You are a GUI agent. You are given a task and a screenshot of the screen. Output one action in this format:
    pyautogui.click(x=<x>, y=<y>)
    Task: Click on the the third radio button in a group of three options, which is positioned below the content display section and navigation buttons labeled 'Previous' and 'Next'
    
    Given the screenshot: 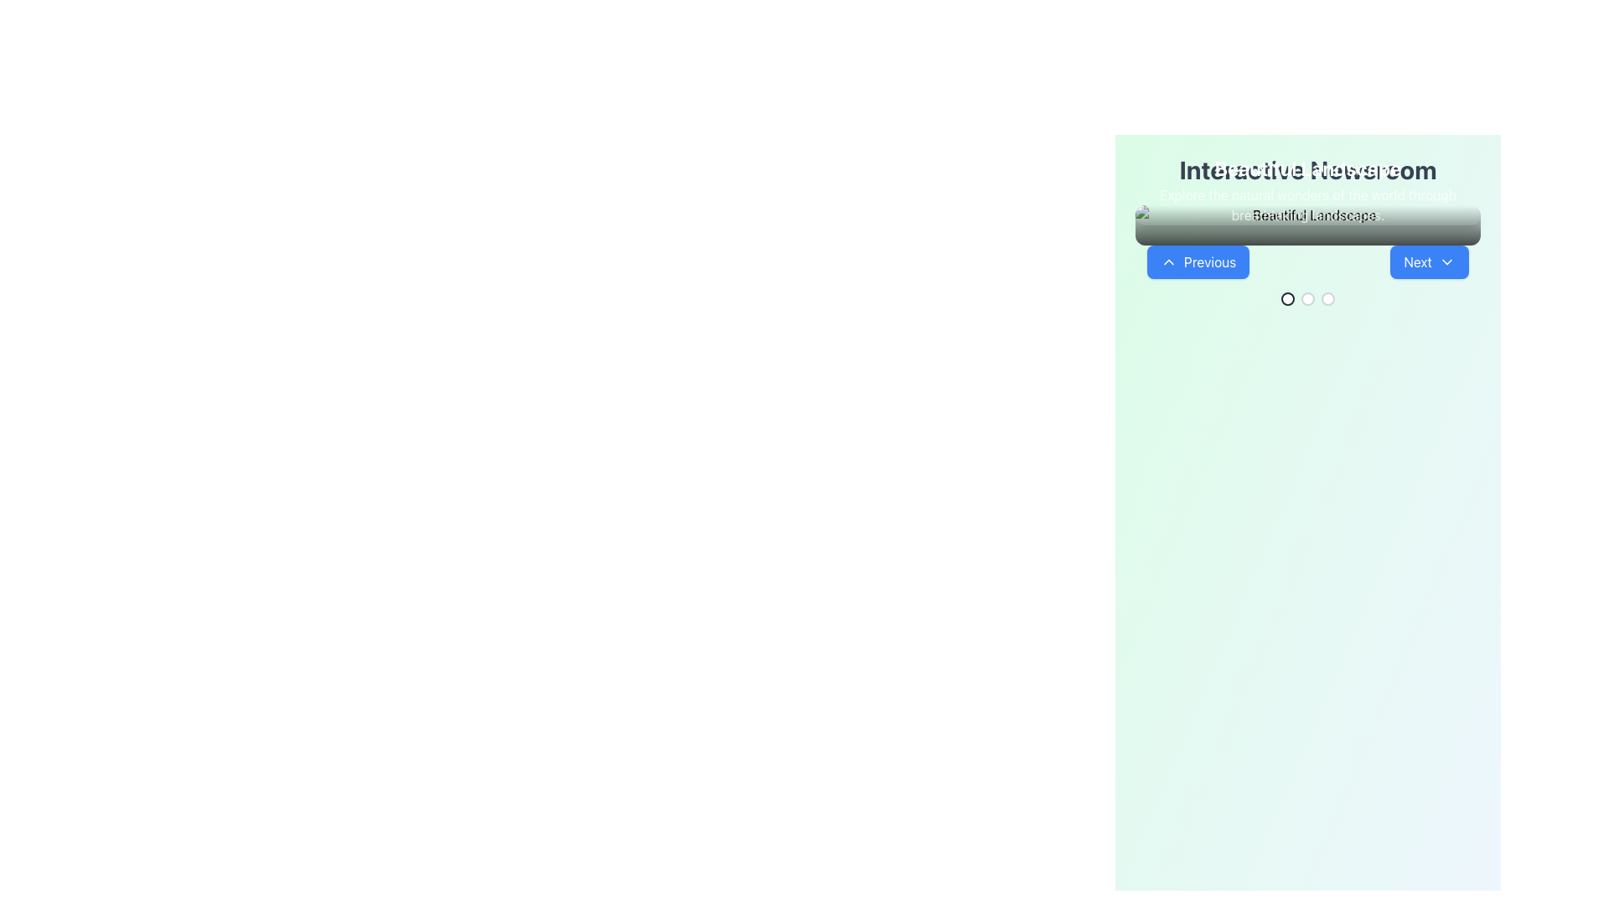 What is the action you would take?
    pyautogui.click(x=1327, y=298)
    